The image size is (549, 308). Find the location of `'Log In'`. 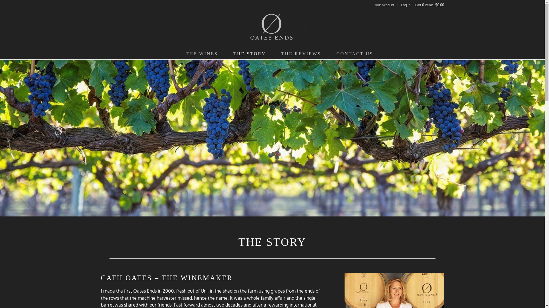

'Log In' is located at coordinates (405, 5).